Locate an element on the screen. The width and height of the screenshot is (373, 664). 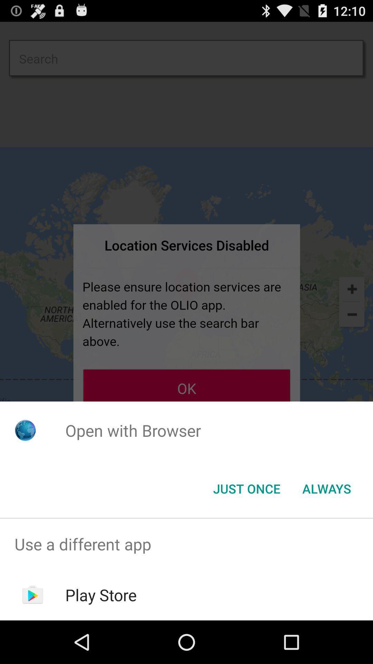
icon at the bottom right corner is located at coordinates (326, 488).